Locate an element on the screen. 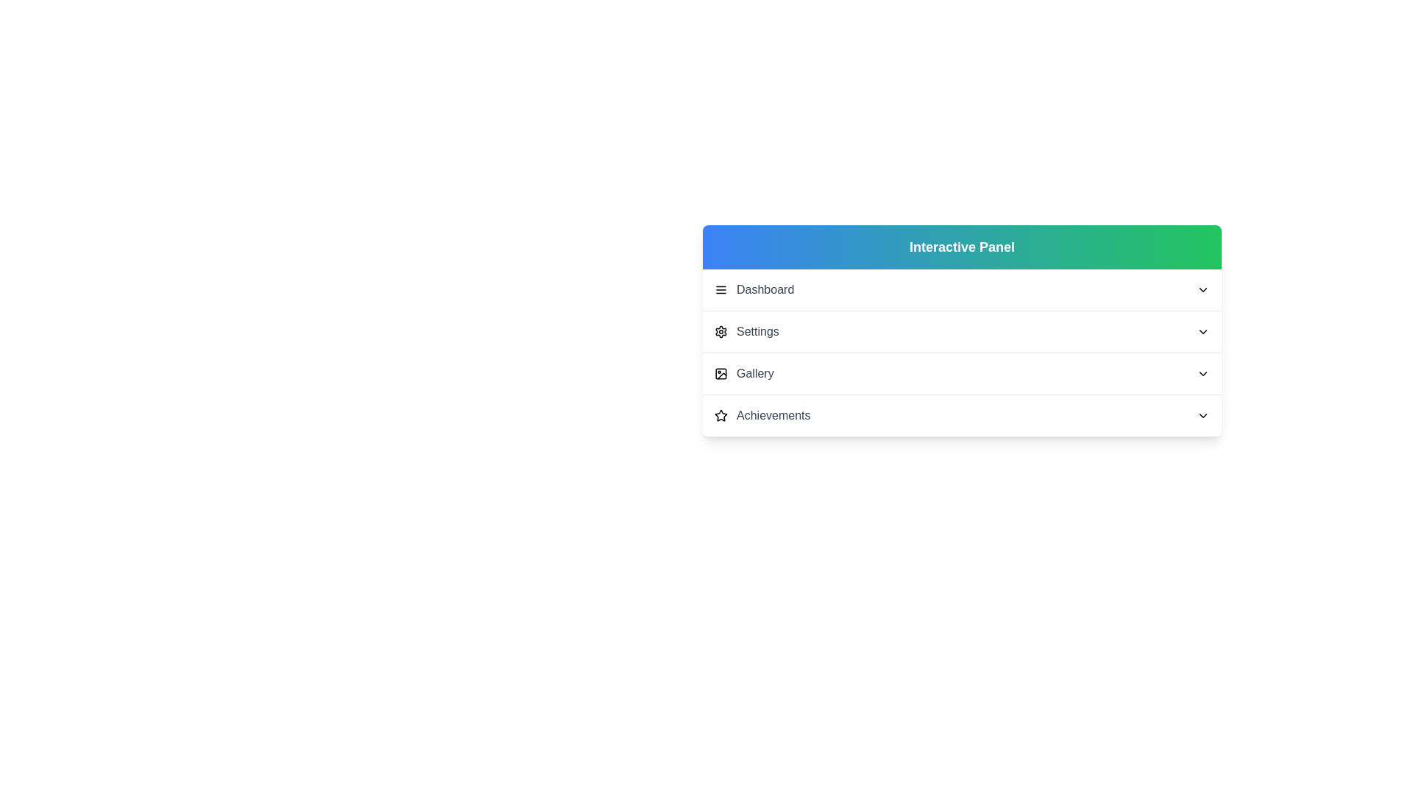 The image size is (1413, 795). the downward-pointing chevron icon located to the right of the 'Settings' label is located at coordinates (1203, 332).